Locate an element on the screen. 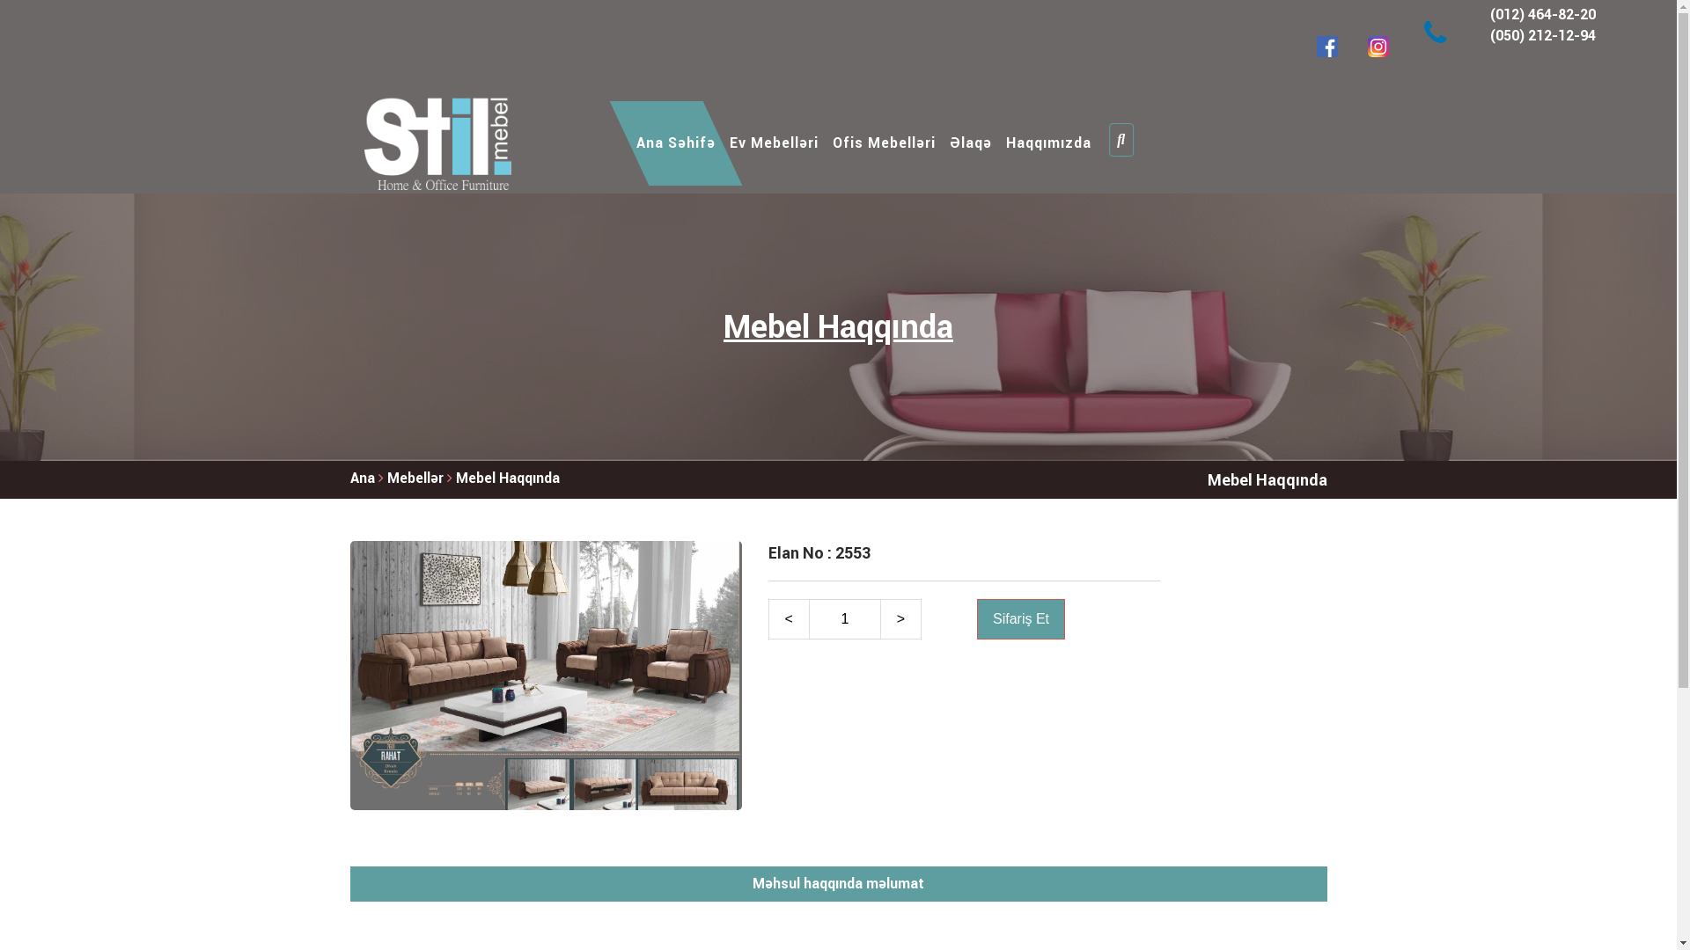  'Ana' is located at coordinates (362, 478).